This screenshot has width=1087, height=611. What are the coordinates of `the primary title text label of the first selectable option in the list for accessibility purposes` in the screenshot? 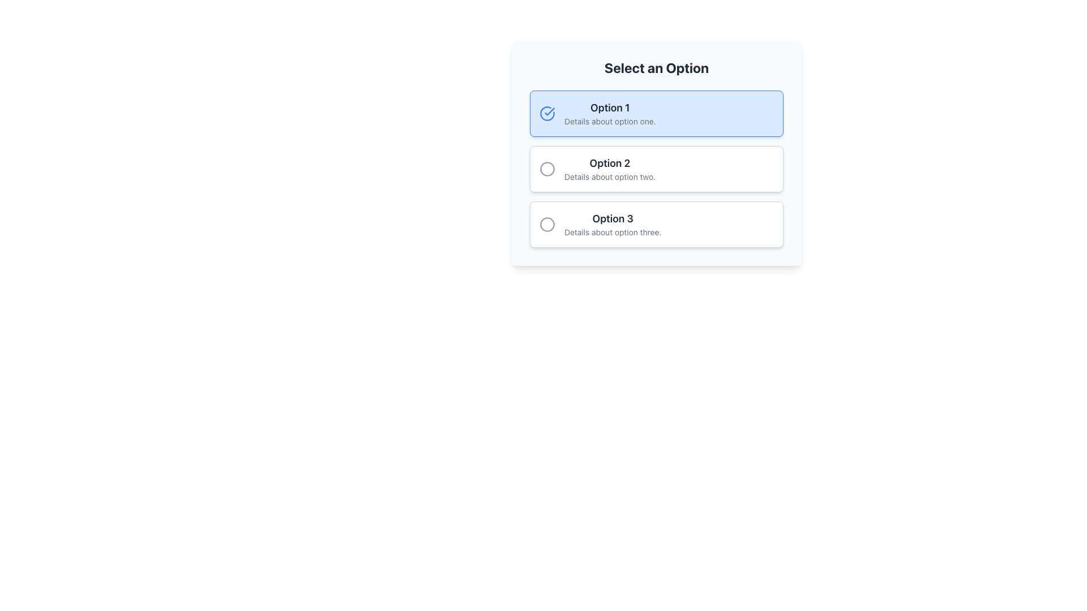 It's located at (609, 108).